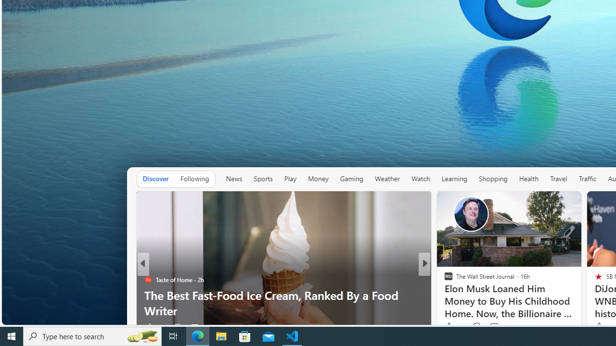  Describe the element at coordinates (528, 179) in the screenshot. I see `'Health'` at that location.